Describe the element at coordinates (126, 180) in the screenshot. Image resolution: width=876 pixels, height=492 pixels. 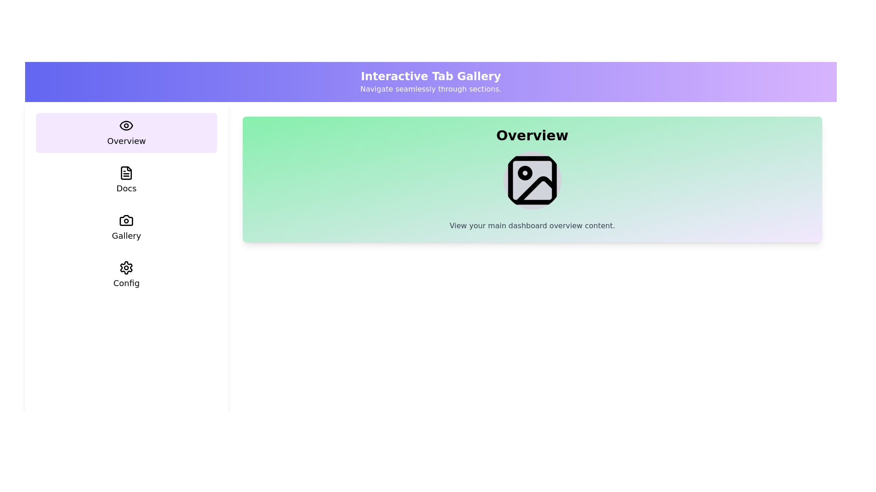
I see `the tab named Docs by clicking its icon` at that location.